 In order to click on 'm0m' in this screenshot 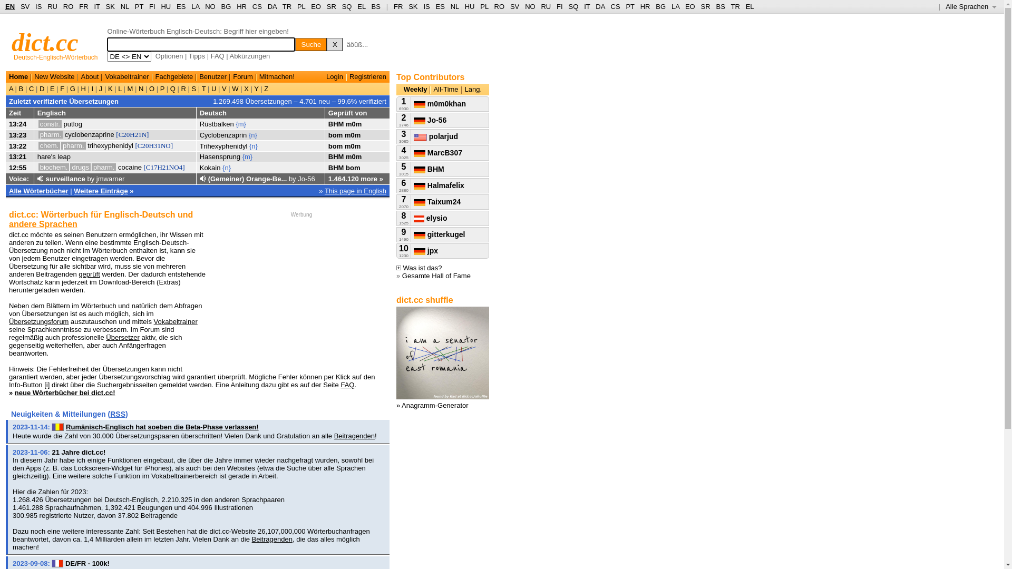, I will do `click(352, 134)`.